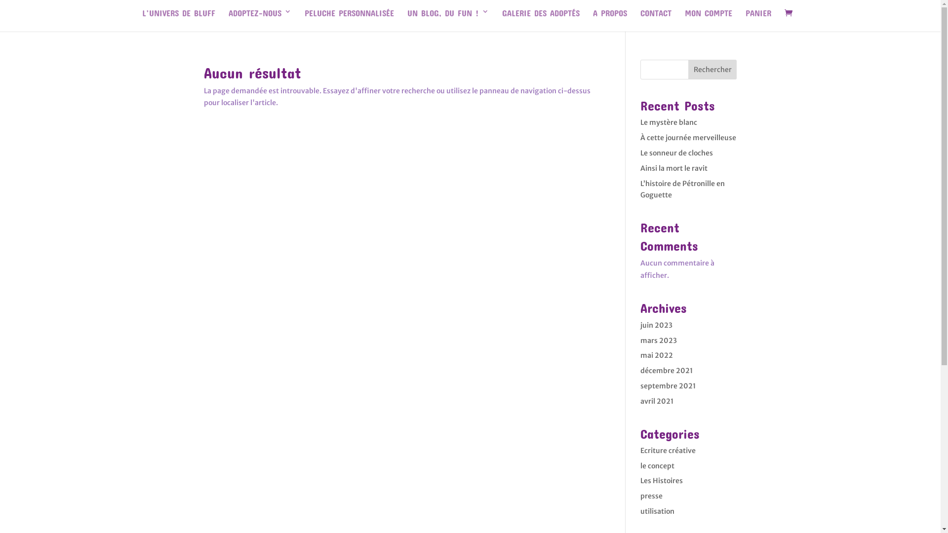 This screenshot has width=948, height=533. What do you see at coordinates (260, 19) in the screenshot?
I see `'ADOPTEZ-NOUS'` at bounding box center [260, 19].